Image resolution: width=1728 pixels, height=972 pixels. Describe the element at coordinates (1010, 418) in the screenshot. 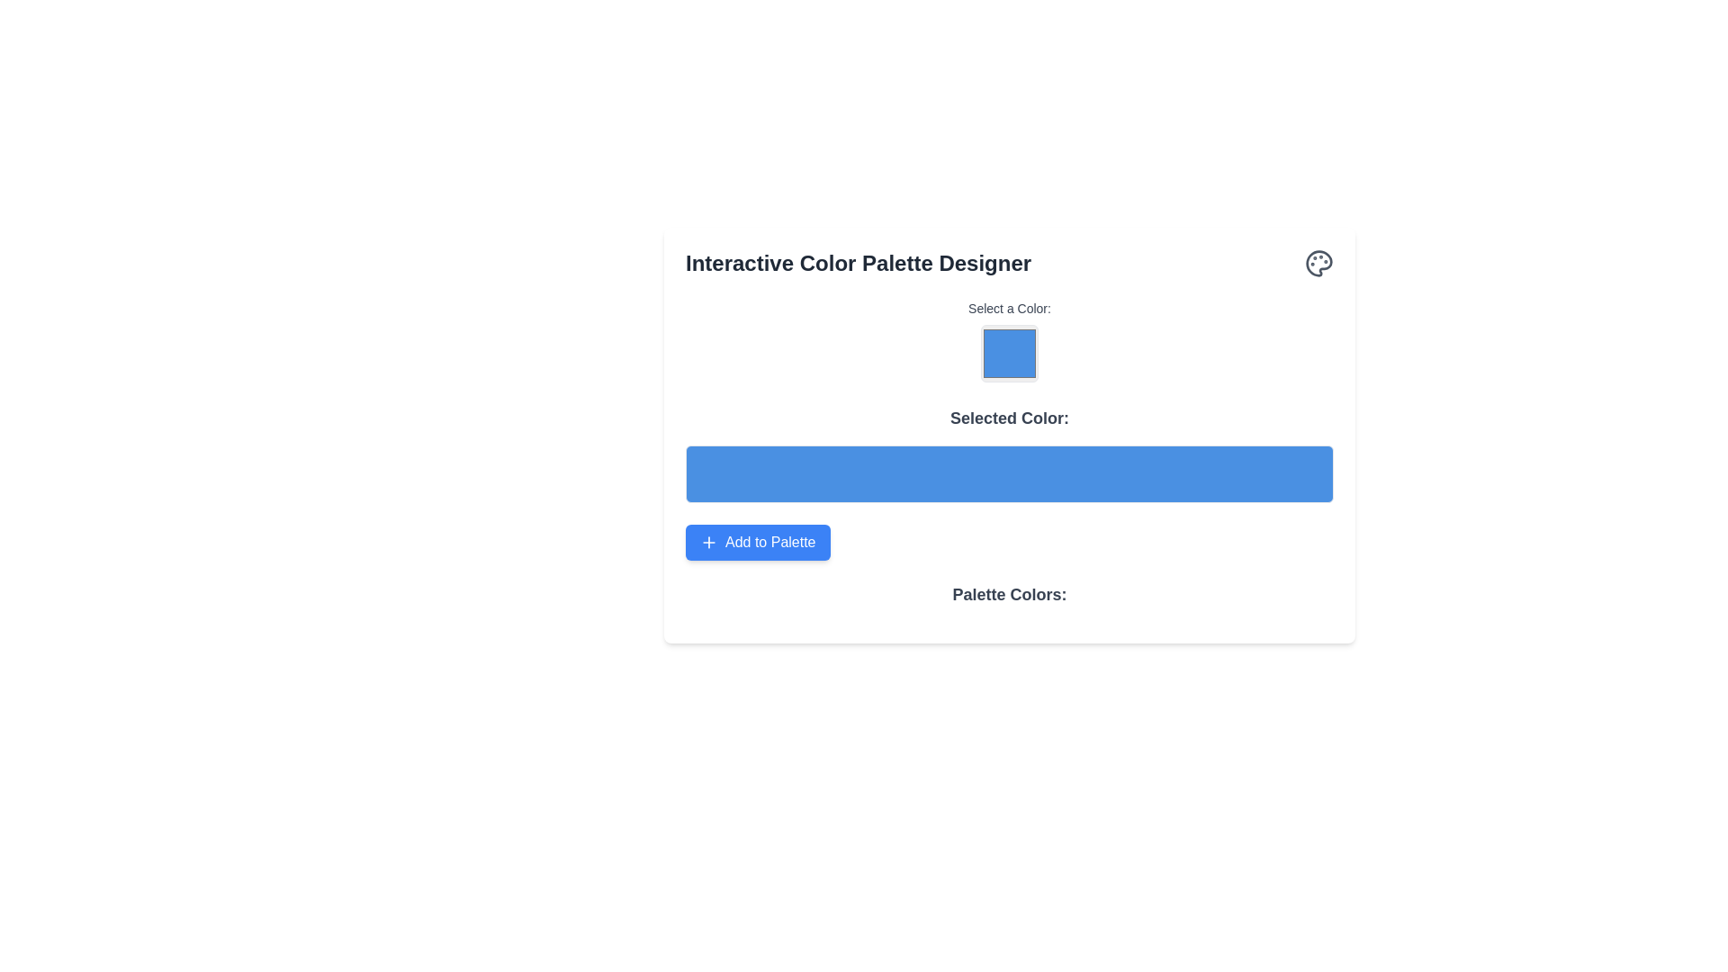

I see `the text label that indicates the context of the adjacent color display, positioned centrally below the blue square and above a larger blue rectangular block` at that location.